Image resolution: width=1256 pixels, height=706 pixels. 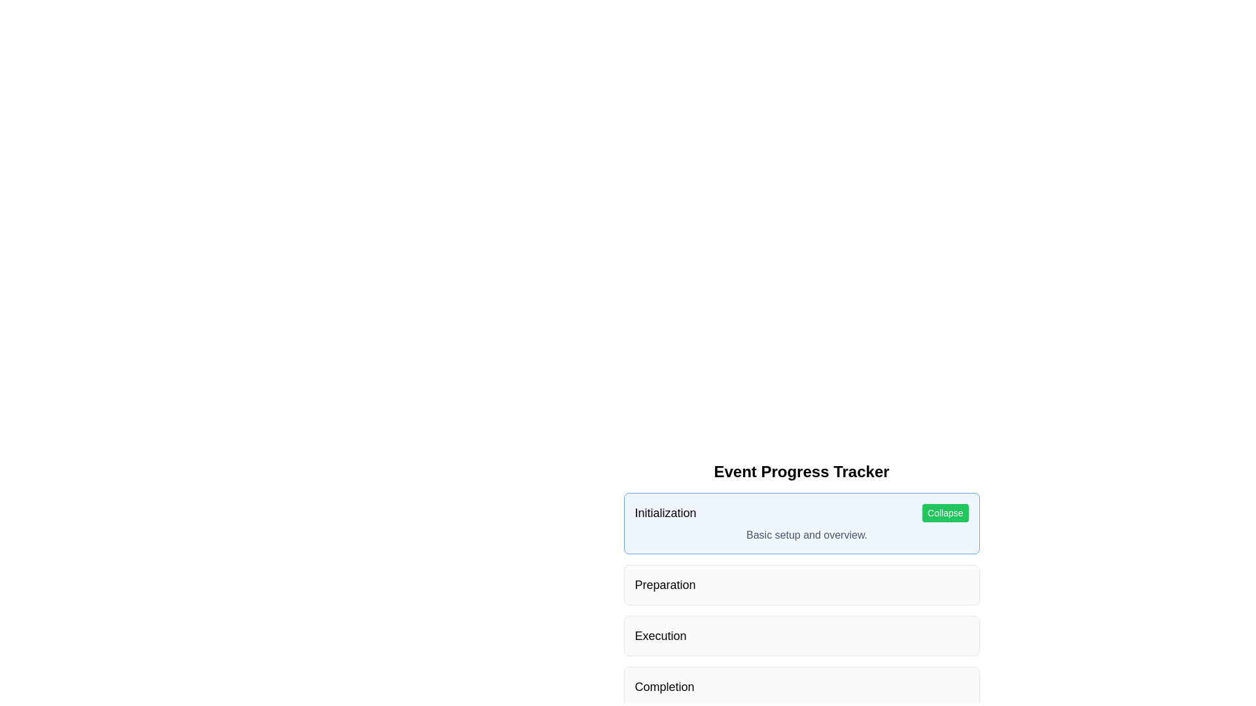 I want to click on the 'Preparation' section header in the Event Progress Tracker interface, which serves as a guiding label for users, so click(x=665, y=584).